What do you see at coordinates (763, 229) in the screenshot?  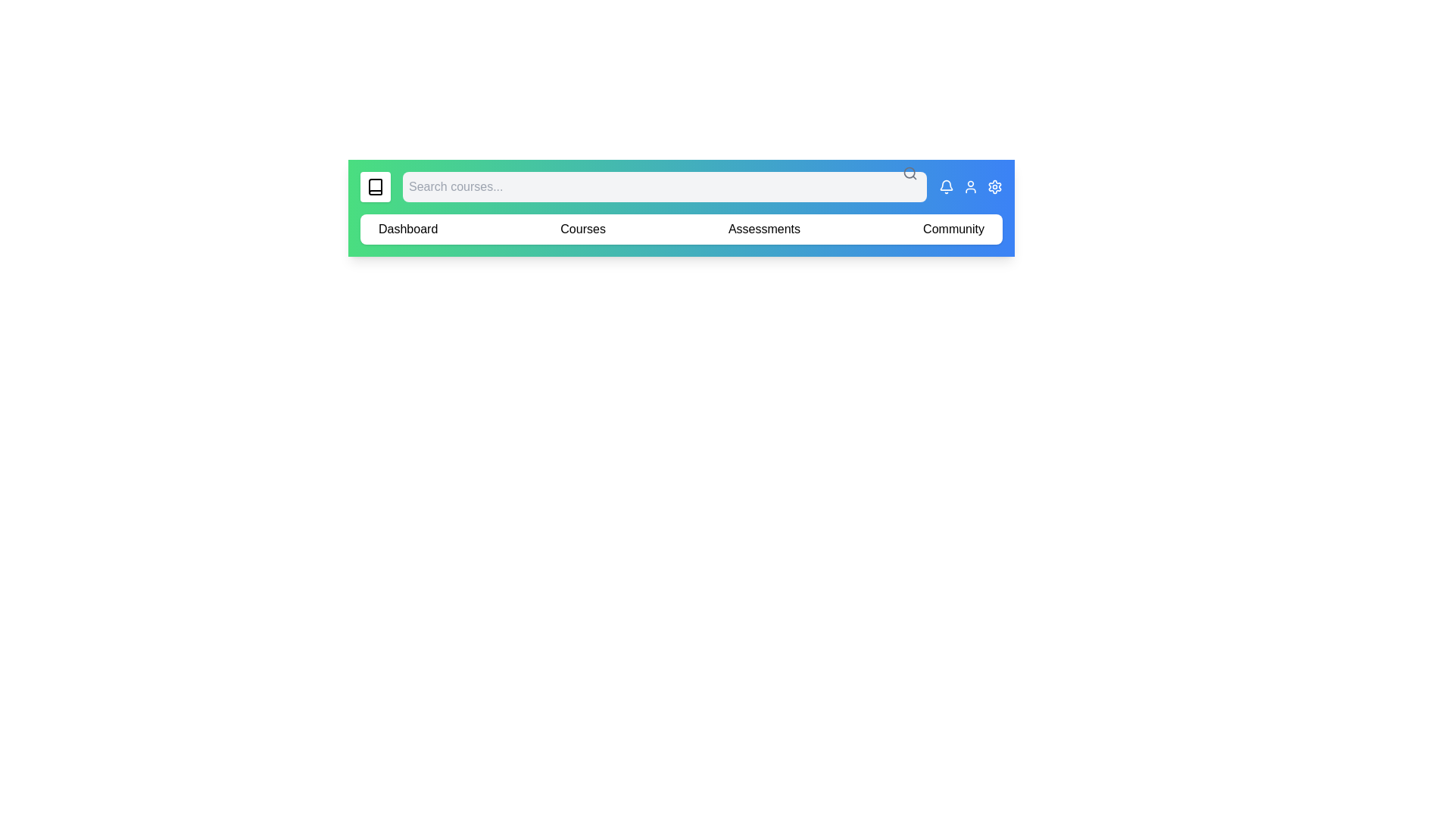 I see `the element labeled 'Assessments' to reveal its hover effect` at bounding box center [763, 229].